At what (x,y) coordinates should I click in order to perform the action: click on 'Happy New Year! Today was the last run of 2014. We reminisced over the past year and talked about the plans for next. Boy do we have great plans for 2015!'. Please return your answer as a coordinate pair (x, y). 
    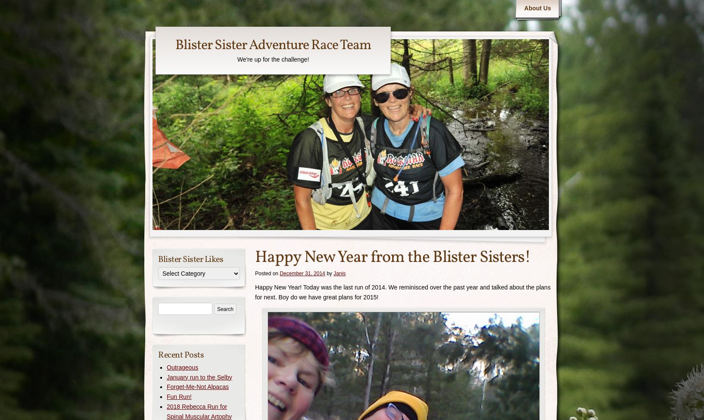
    Looking at the image, I should click on (402, 292).